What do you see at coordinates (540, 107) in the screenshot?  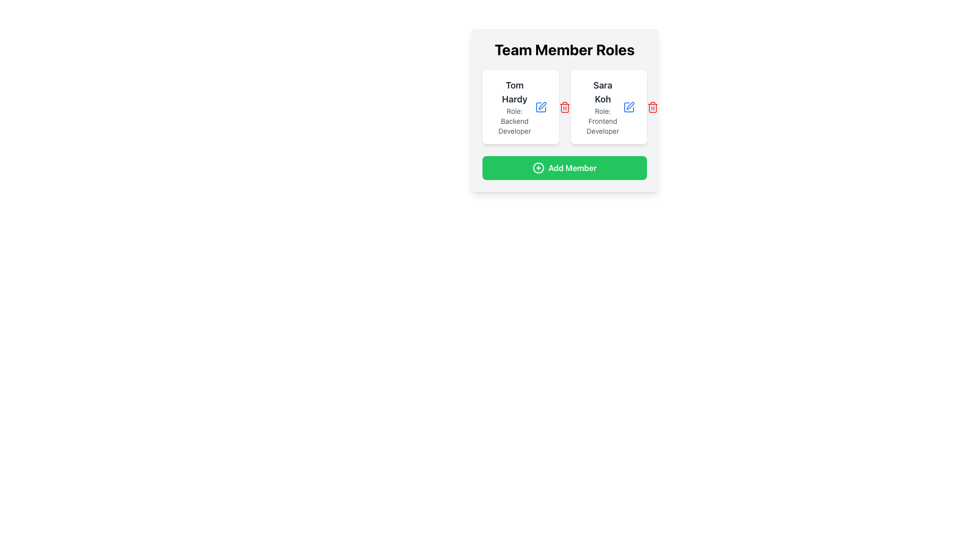 I see `the edit icon located in the top-right corner of the box containing 'Tom Hardy', which allows users to modify details for this team member` at bounding box center [540, 107].